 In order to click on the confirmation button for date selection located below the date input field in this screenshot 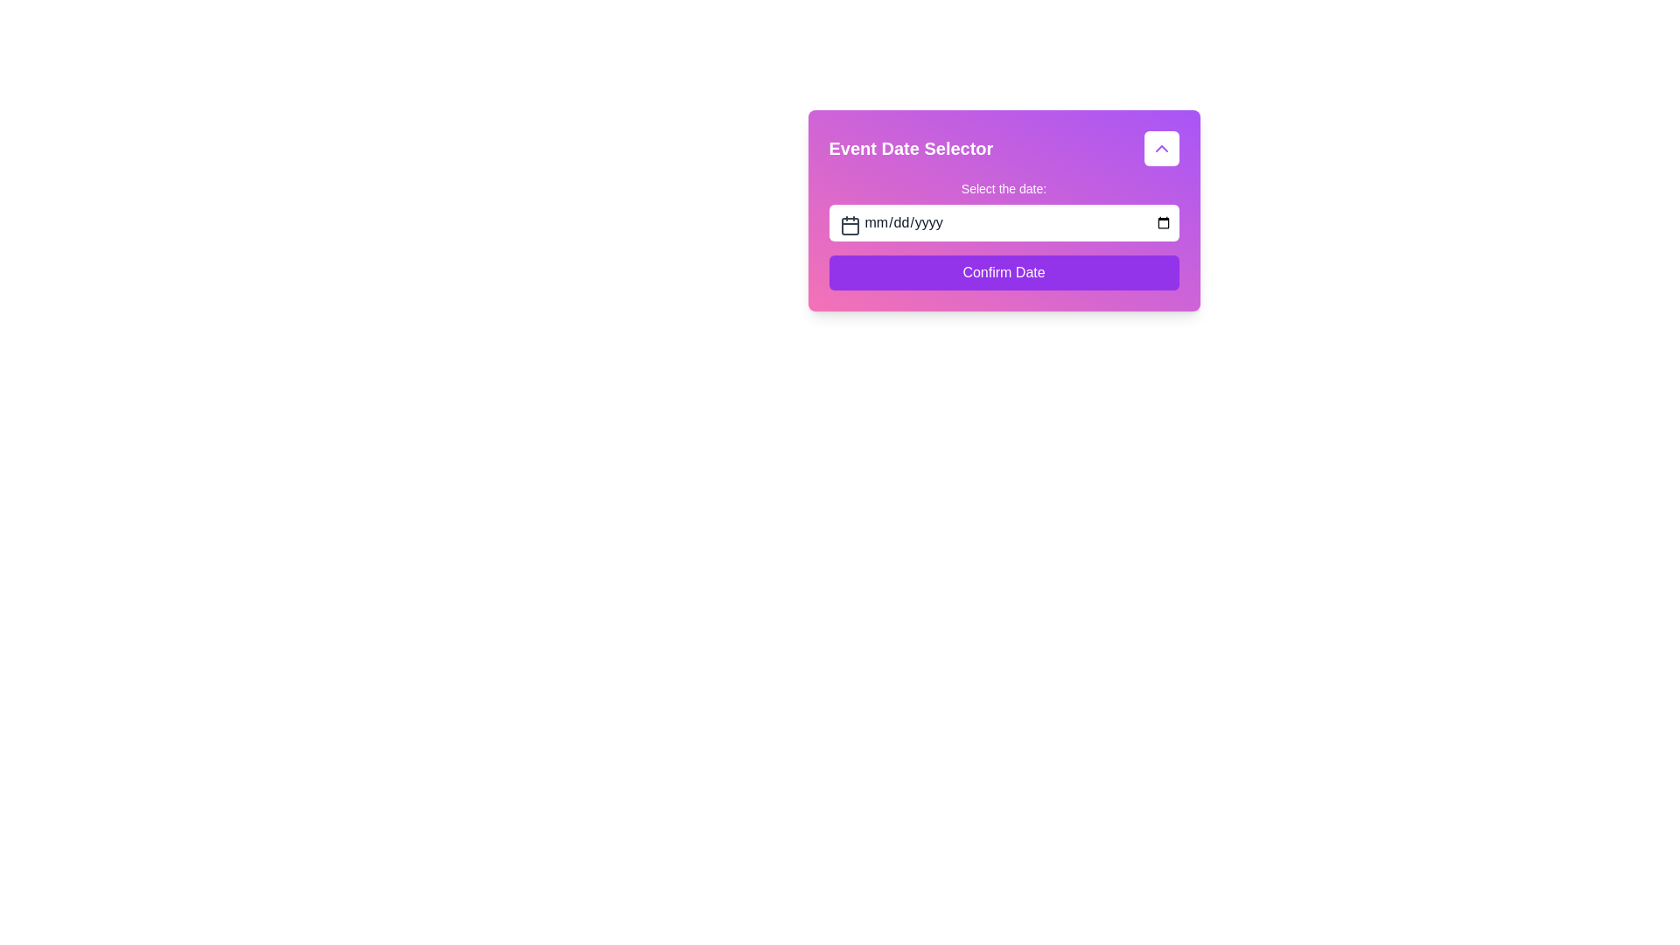, I will do `click(1004, 273)`.